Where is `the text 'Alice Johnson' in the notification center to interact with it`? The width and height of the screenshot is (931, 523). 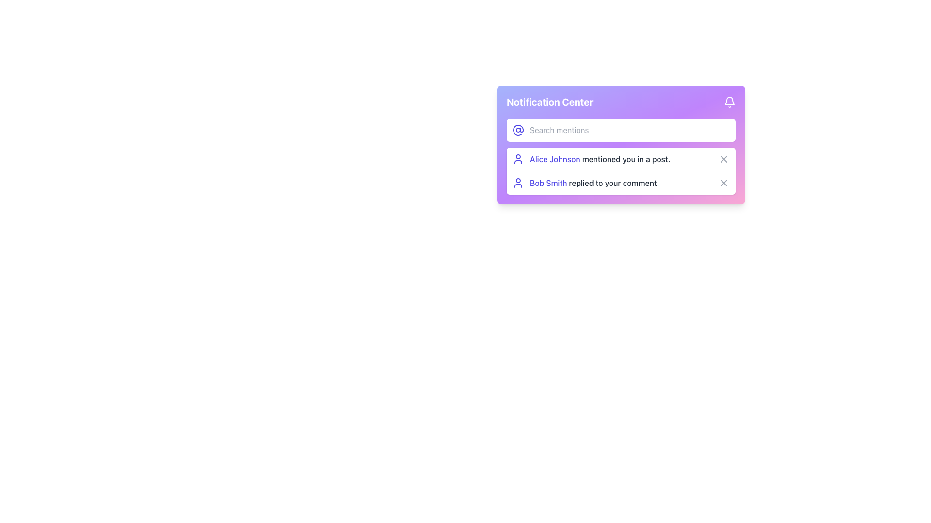
the text 'Alice Johnson' in the notification center to interact with it is located at coordinates (555, 158).